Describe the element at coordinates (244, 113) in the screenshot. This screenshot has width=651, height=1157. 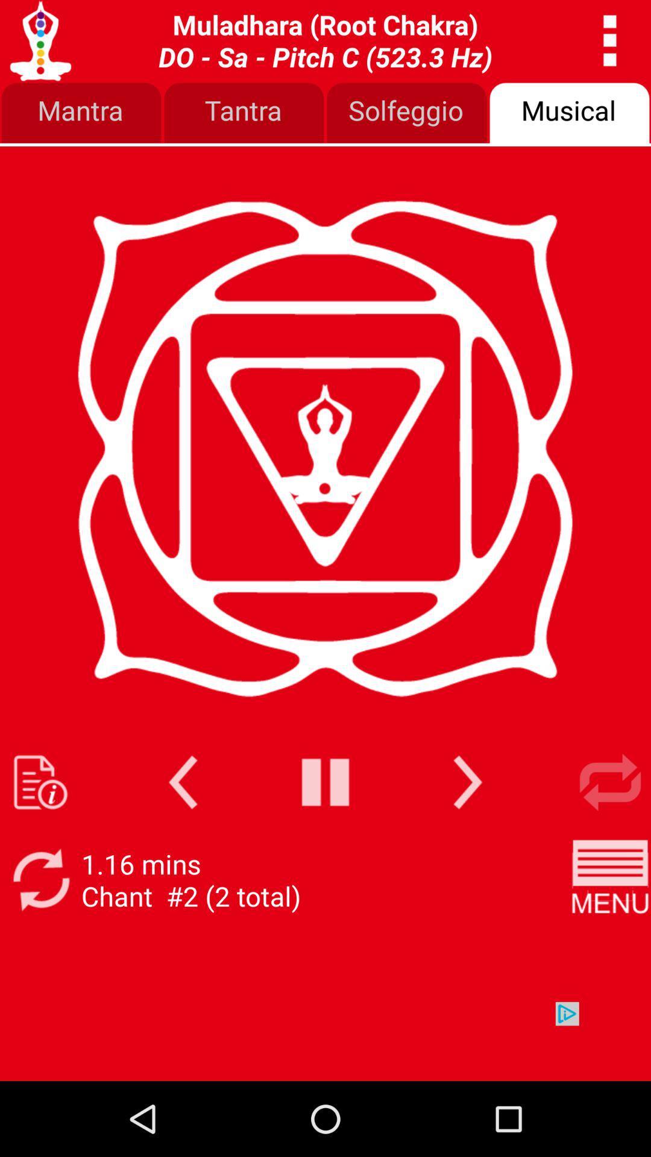
I see `tantra button` at that location.